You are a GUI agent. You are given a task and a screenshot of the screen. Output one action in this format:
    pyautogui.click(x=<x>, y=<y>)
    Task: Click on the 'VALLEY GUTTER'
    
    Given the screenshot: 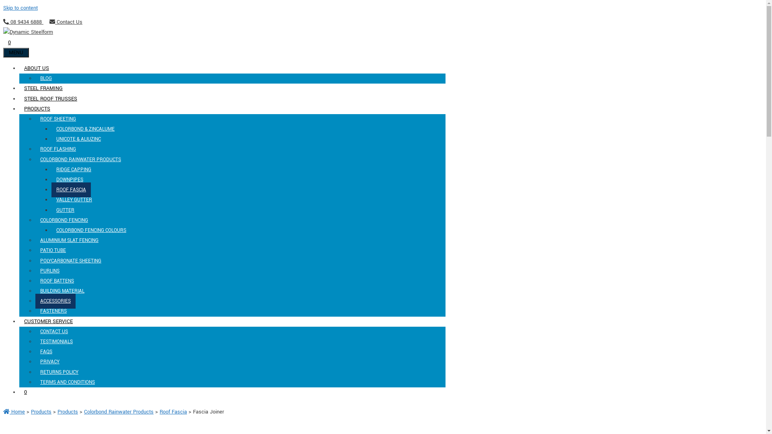 What is the action you would take?
    pyautogui.click(x=74, y=199)
    